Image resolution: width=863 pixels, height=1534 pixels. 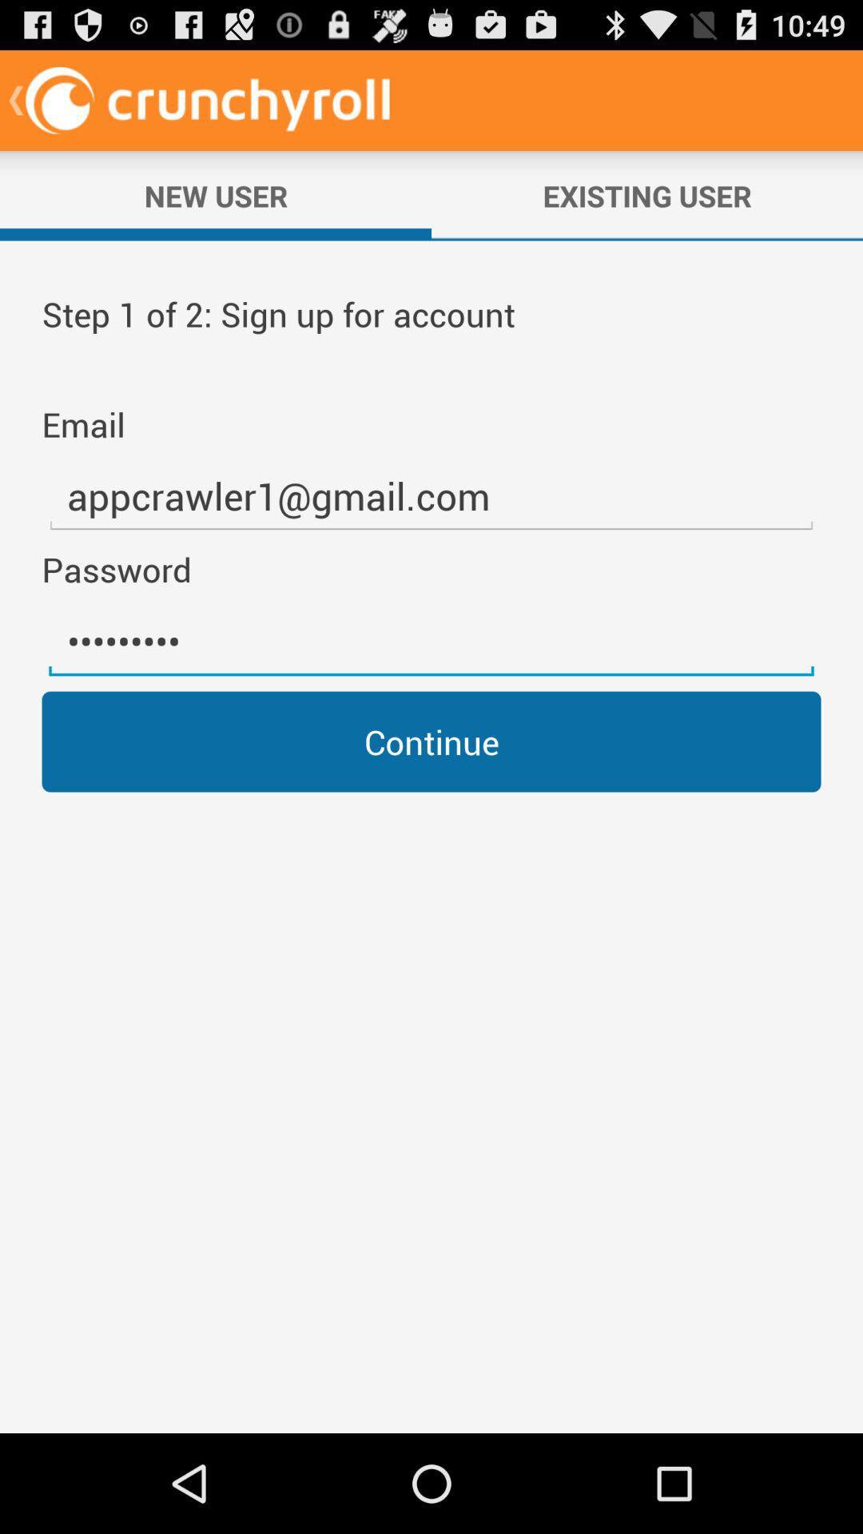 What do you see at coordinates (216, 195) in the screenshot?
I see `icon next to the existing user item` at bounding box center [216, 195].